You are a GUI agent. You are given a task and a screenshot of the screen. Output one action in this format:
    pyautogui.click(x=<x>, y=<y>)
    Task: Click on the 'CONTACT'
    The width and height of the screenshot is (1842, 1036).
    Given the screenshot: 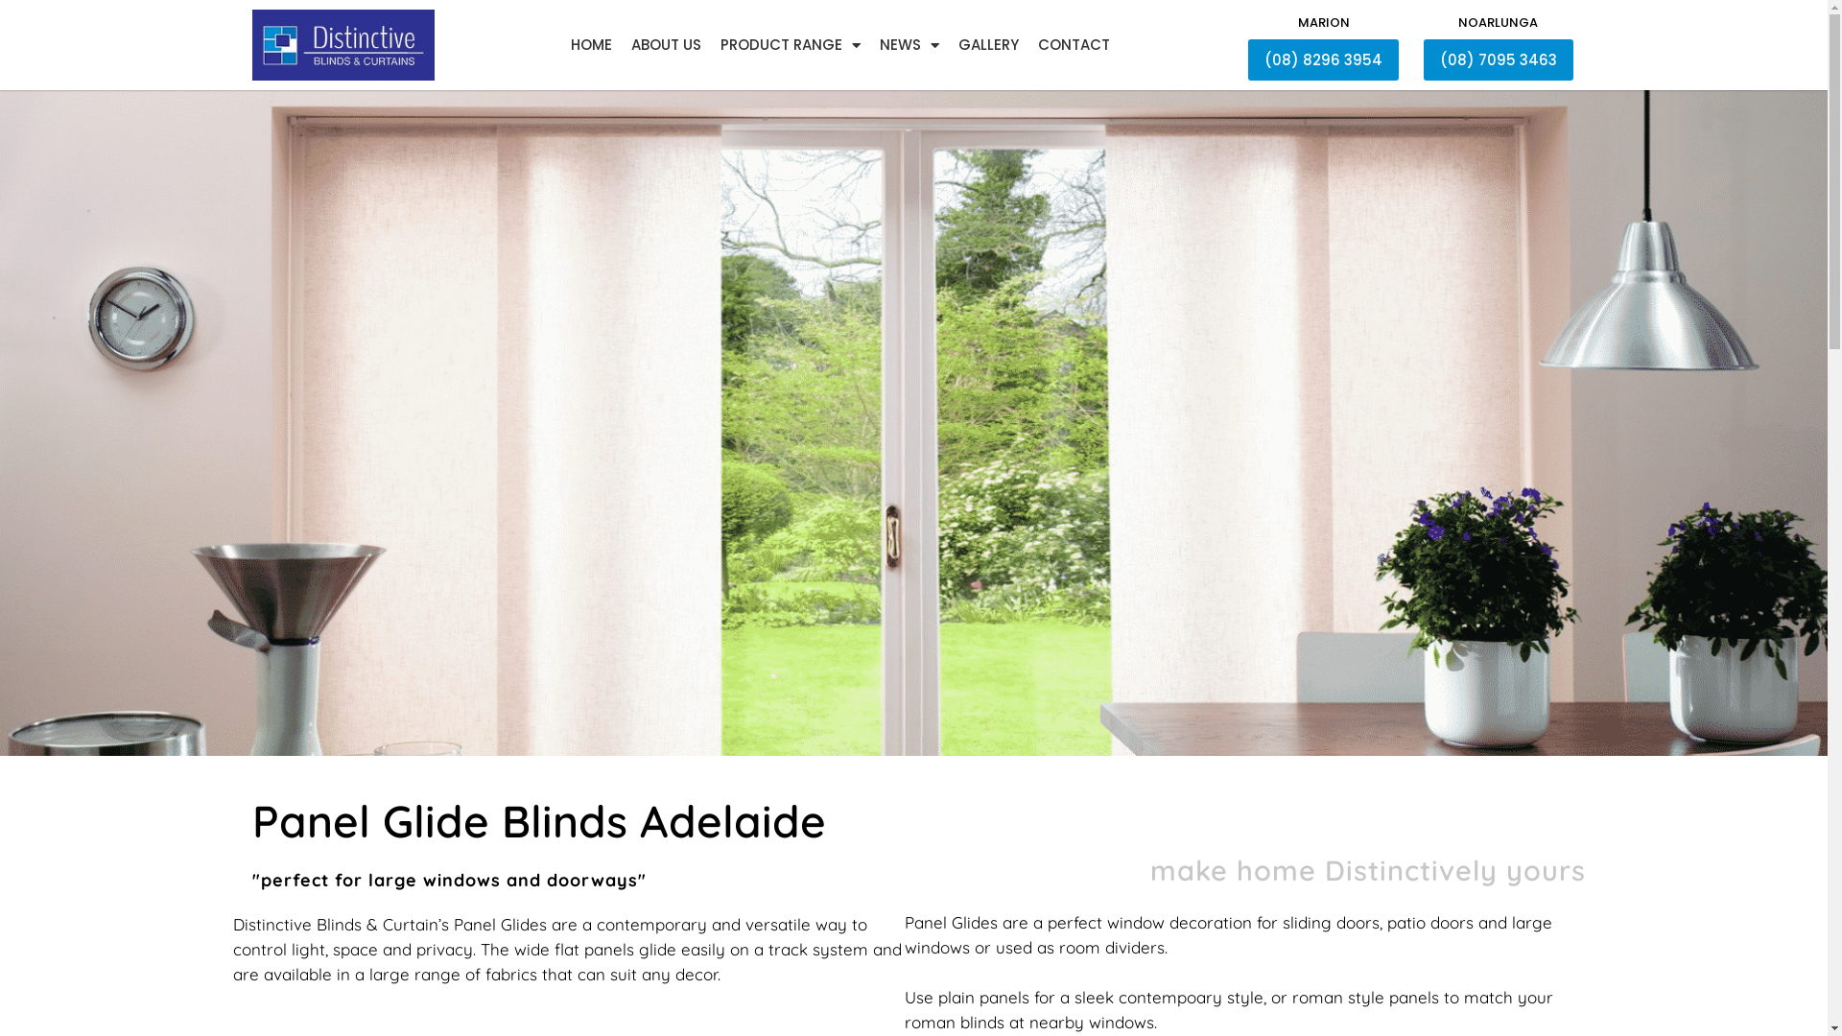 What is the action you would take?
    pyautogui.click(x=1073, y=43)
    